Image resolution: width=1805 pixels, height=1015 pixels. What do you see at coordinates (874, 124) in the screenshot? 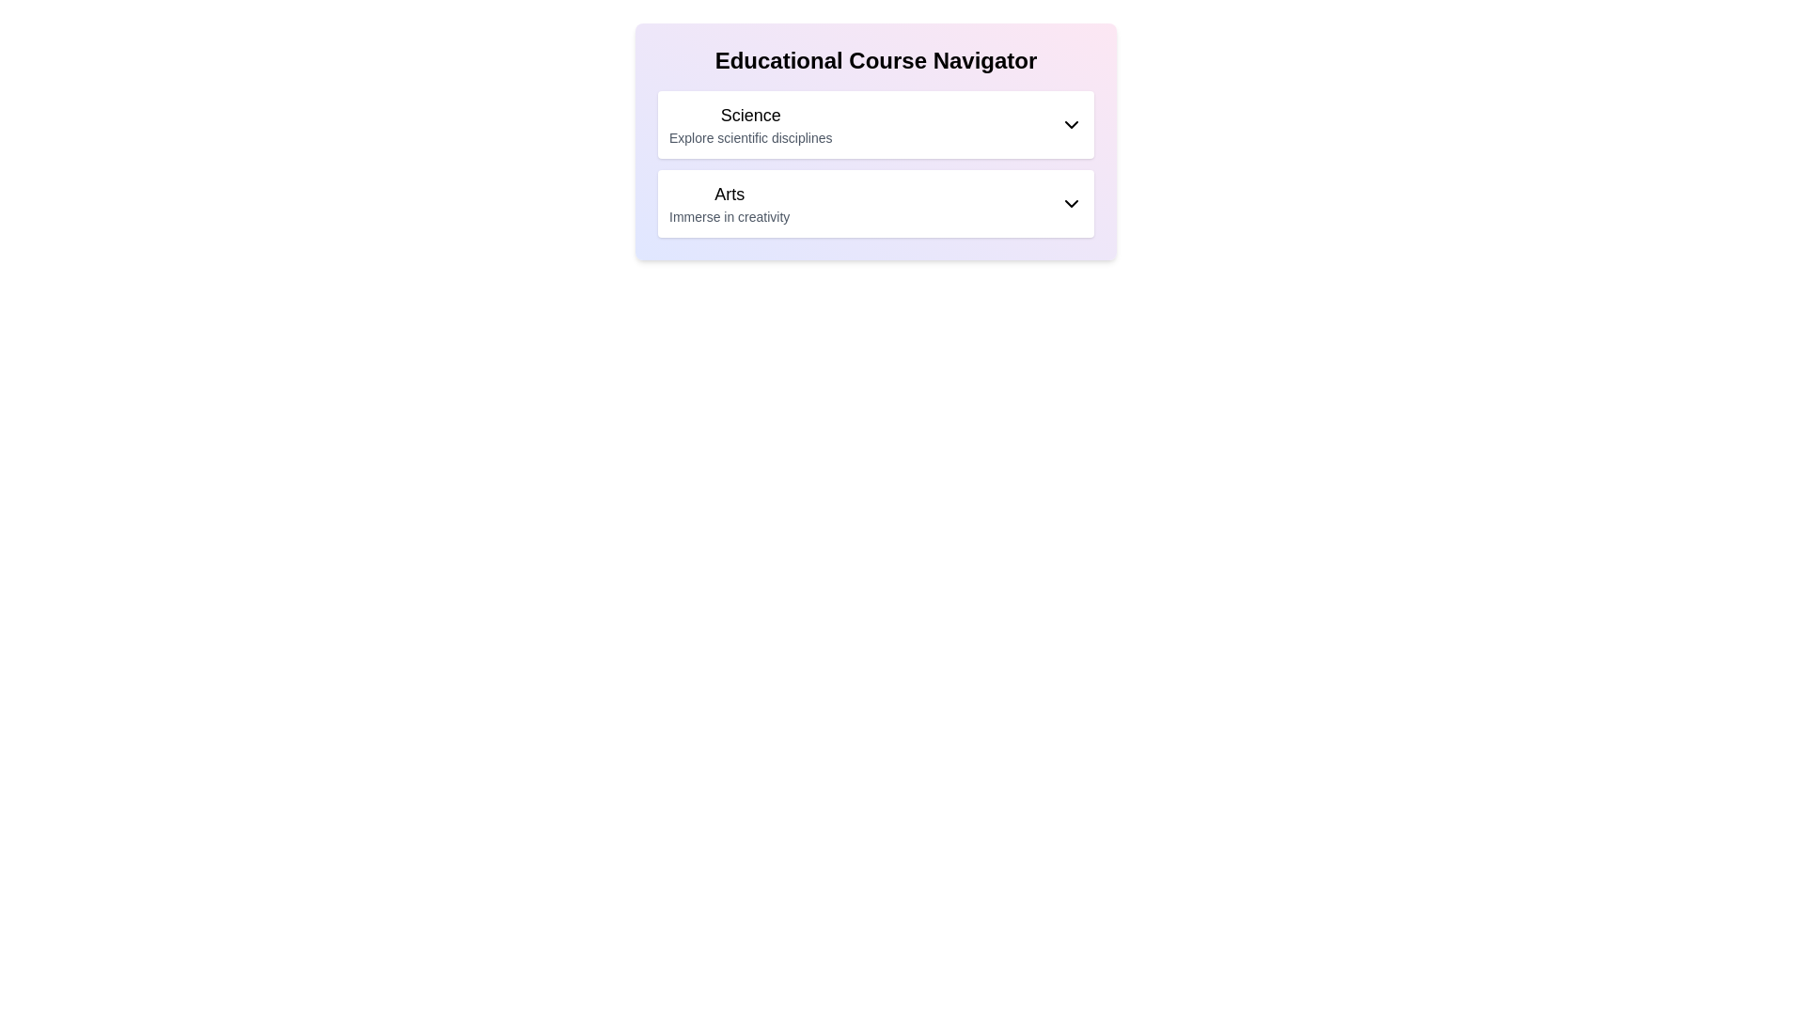
I see `the collapsible dropdown header labeled 'Science'` at bounding box center [874, 124].